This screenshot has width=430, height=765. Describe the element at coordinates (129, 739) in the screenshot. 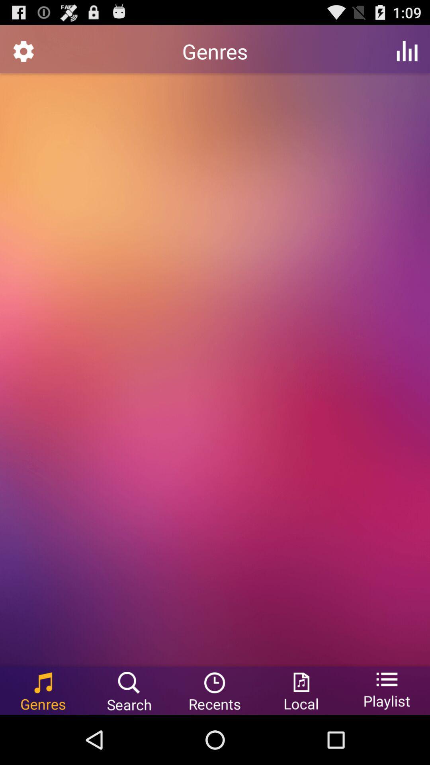

I see `the search icon` at that location.